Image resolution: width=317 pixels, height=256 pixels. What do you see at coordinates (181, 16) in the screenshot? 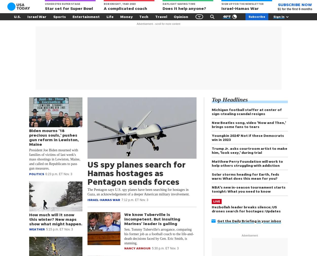
I see `'Opinion'` at bounding box center [181, 16].